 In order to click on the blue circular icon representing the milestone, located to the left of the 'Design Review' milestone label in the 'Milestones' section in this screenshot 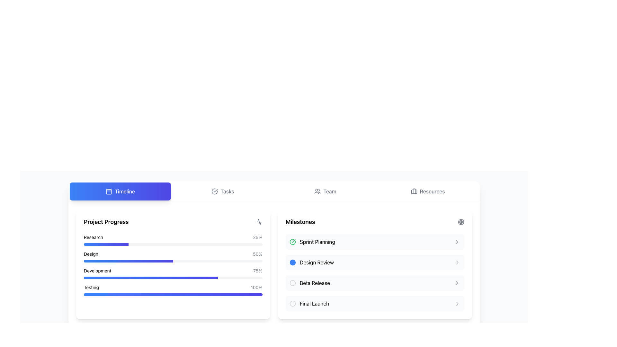, I will do `click(292, 262)`.